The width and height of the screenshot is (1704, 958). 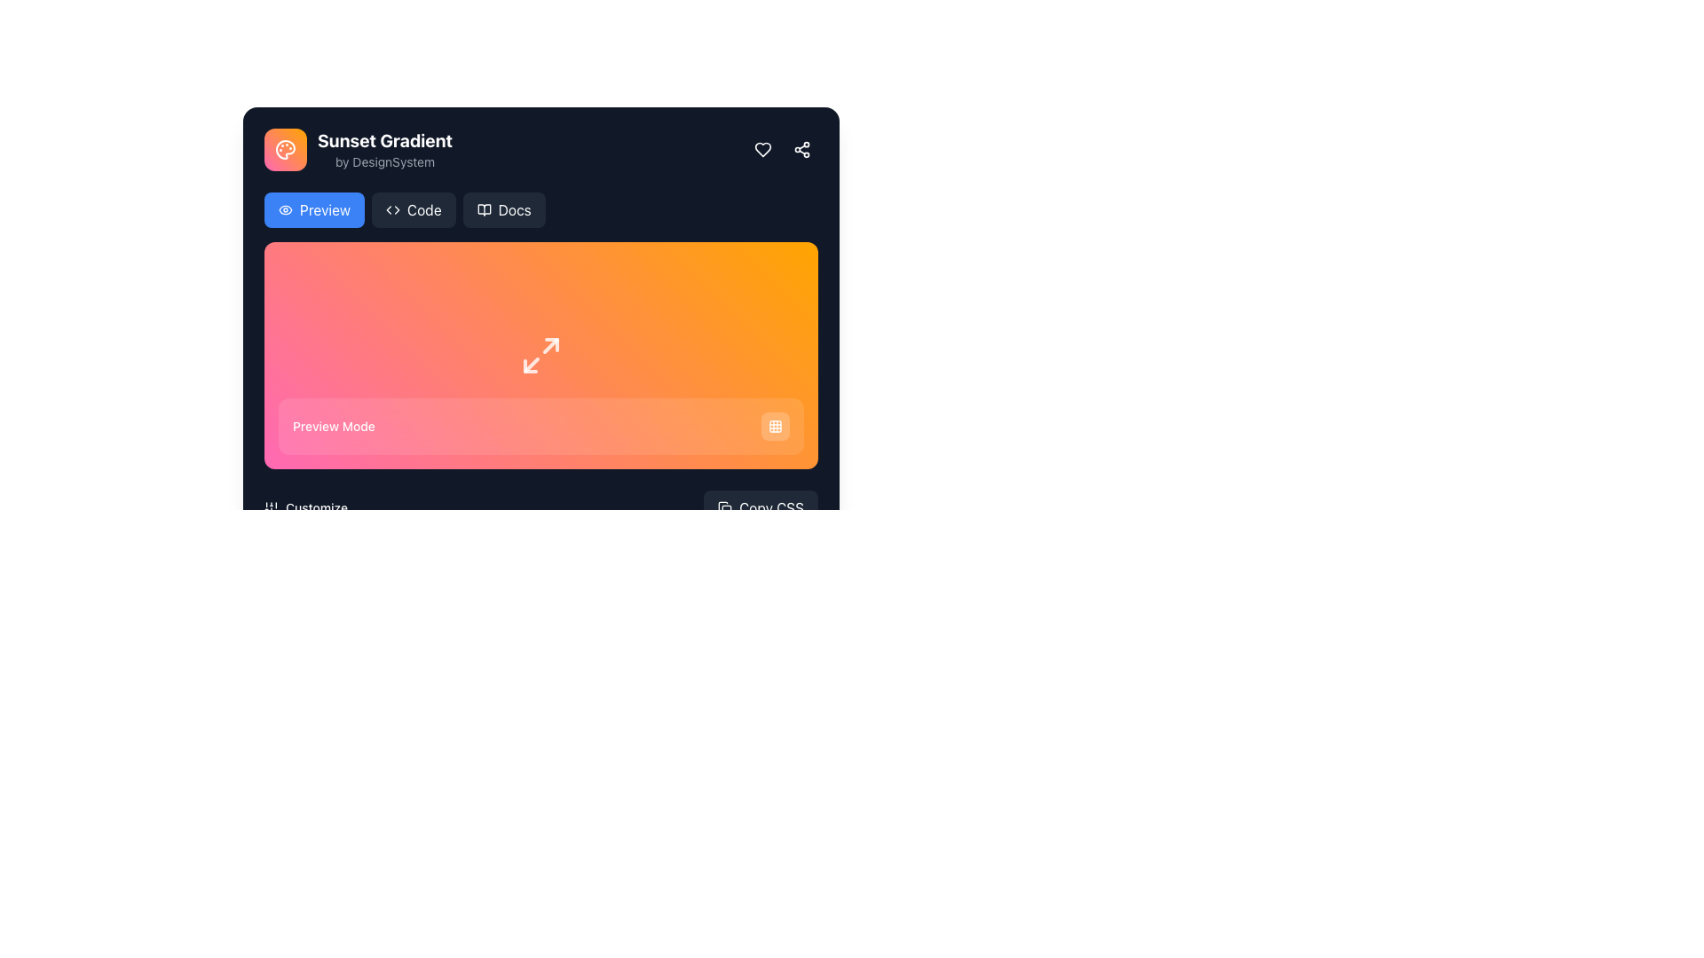 I want to click on the document access icon located in the upper-right corner of the navigation bar, adjacent to the 'Docs' button, so click(x=484, y=208).